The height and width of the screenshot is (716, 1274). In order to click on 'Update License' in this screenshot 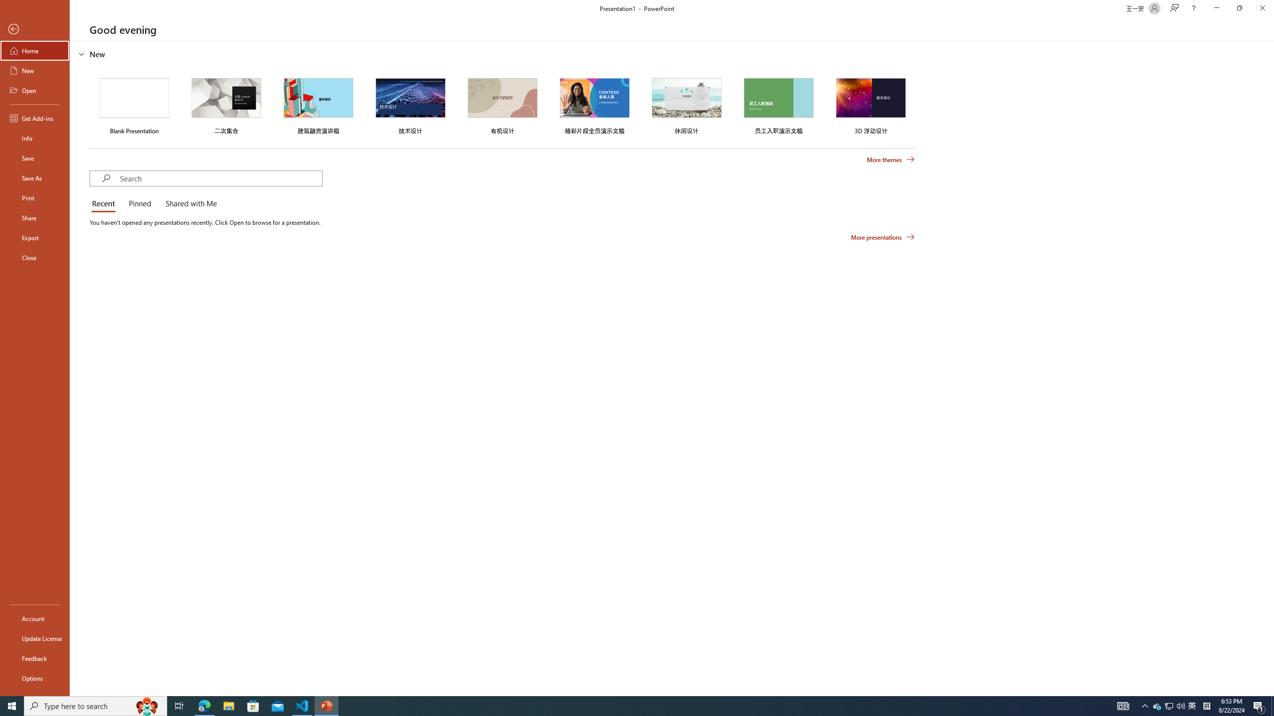, I will do `click(34, 638)`.